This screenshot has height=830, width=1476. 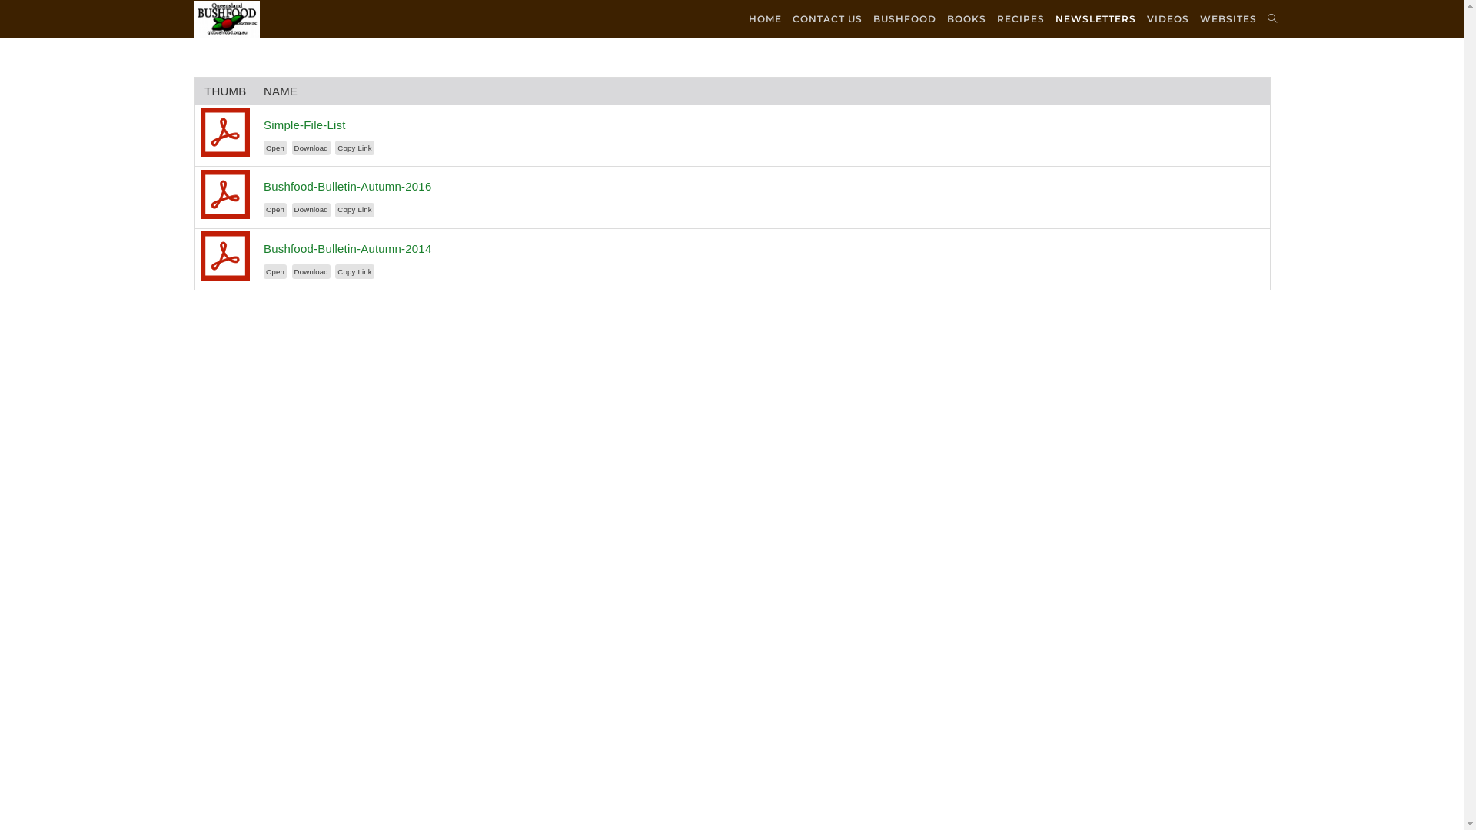 I want to click on 'BUSHFOOD', so click(x=904, y=18).